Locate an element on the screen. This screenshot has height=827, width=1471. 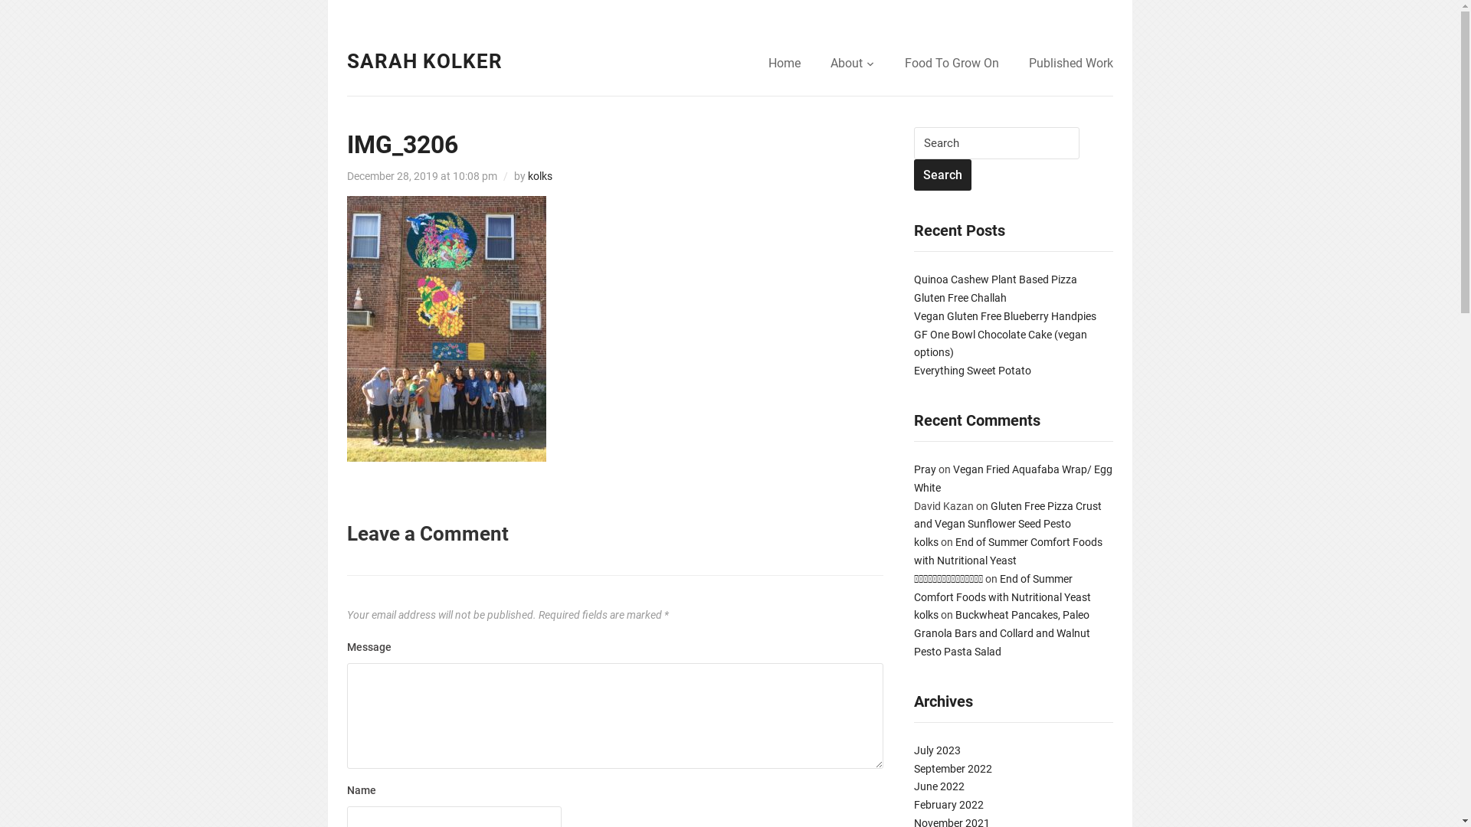
'SARAH KOLKER' is located at coordinates (345, 60).